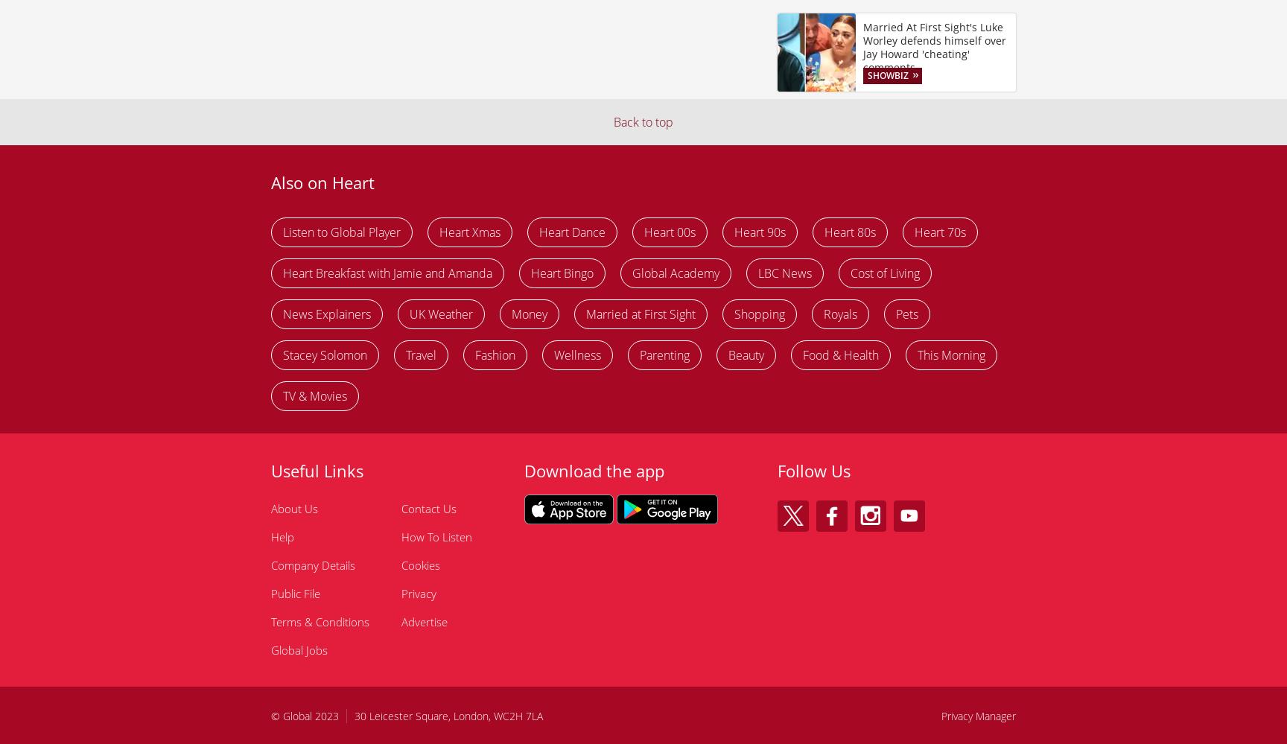 The height and width of the screenshot is (744, 1287). I want to click on 'How To Listen', so click(436, 536).